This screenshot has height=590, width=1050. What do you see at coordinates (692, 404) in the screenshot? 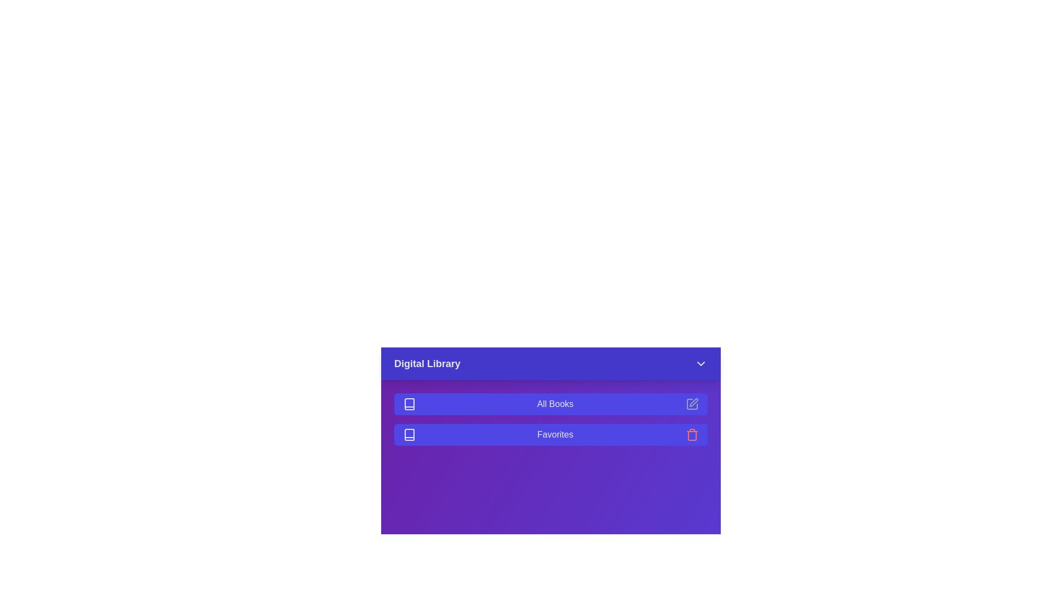
I see `the edit icon next to 'All Books' to perform an edit action` at bounding box center [692, 404].